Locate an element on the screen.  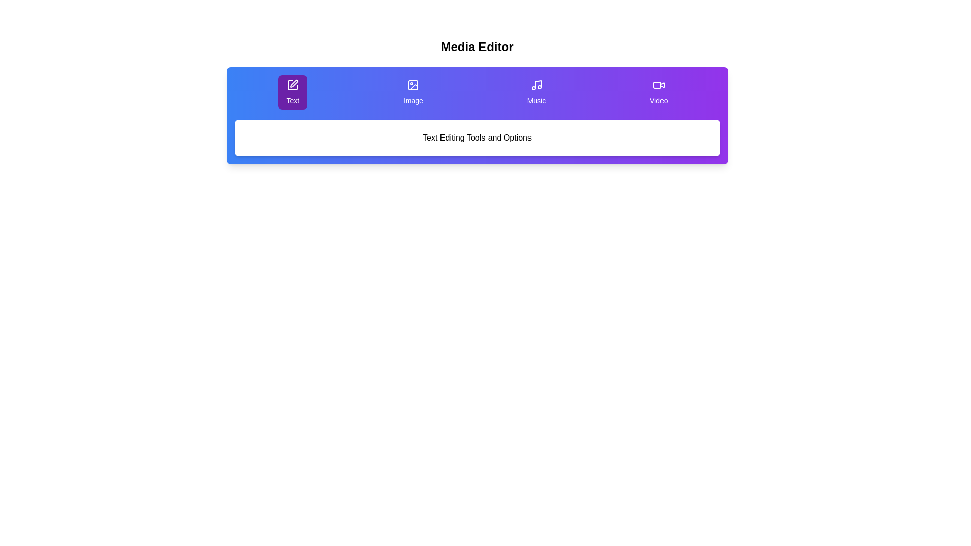
the Interactive Button labeled 'Video' with a purple background and a video camera icon is located at coordinates (658, 92).